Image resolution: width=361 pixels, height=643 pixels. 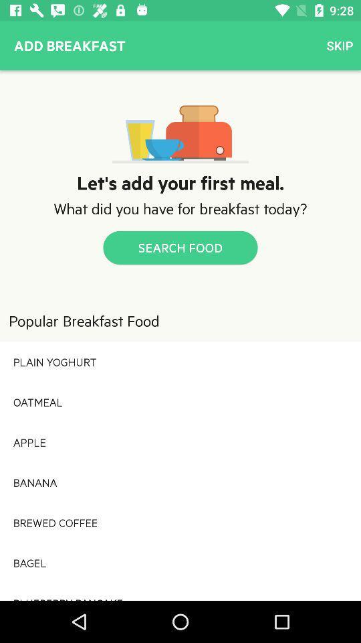 What do you see at coordinates (180, 246) in the screenshot?
I see `search food item` at bounding box center [180, 246].